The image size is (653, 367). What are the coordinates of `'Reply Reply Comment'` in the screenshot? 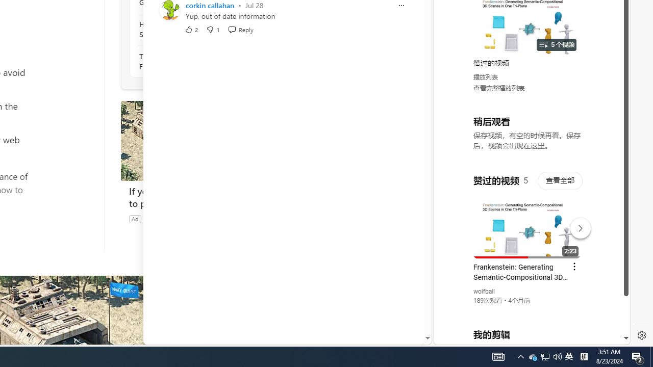 It's located at (240, 29).